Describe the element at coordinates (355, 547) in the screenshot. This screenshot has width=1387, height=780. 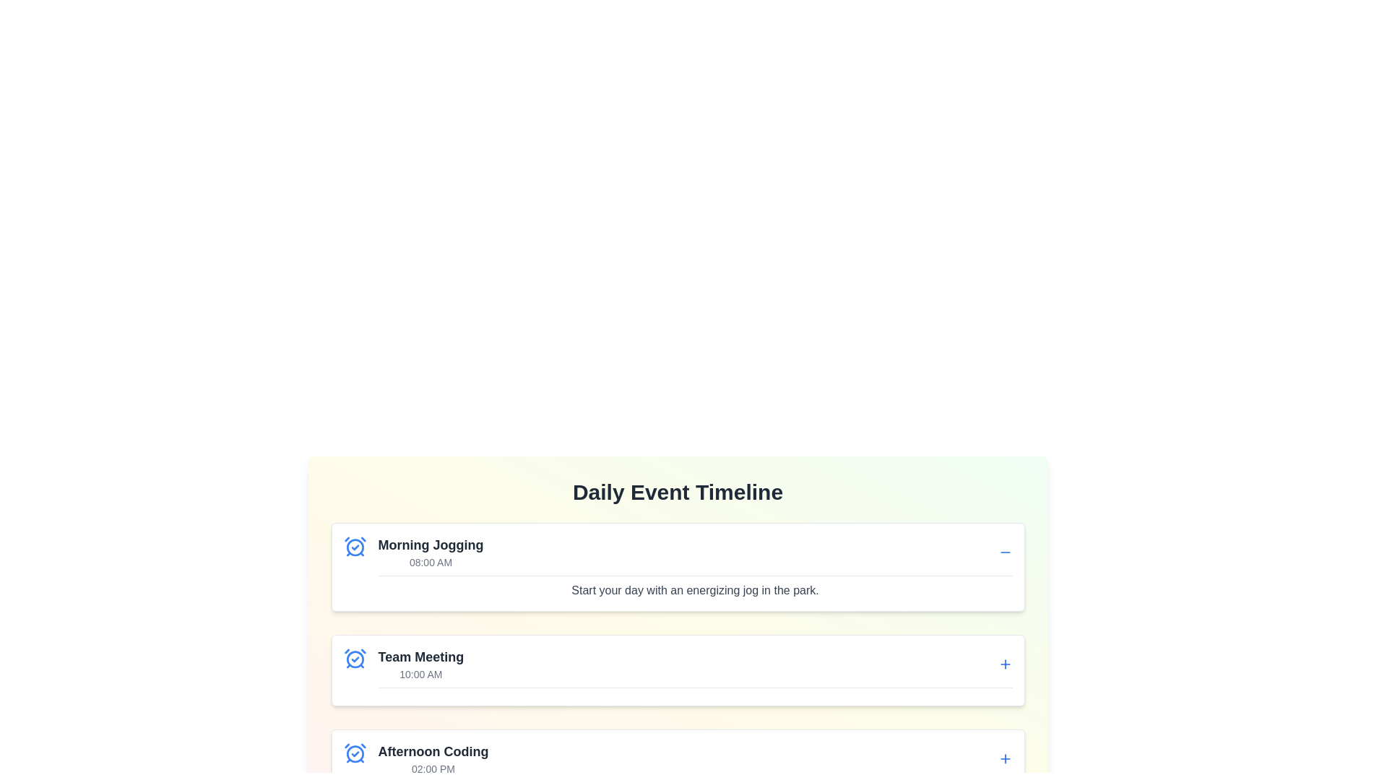
I see `the circular icon component that is part of the alarm clock graphic, located below the 'Morning Jogging' title in the daily event timeline interface` at that location.